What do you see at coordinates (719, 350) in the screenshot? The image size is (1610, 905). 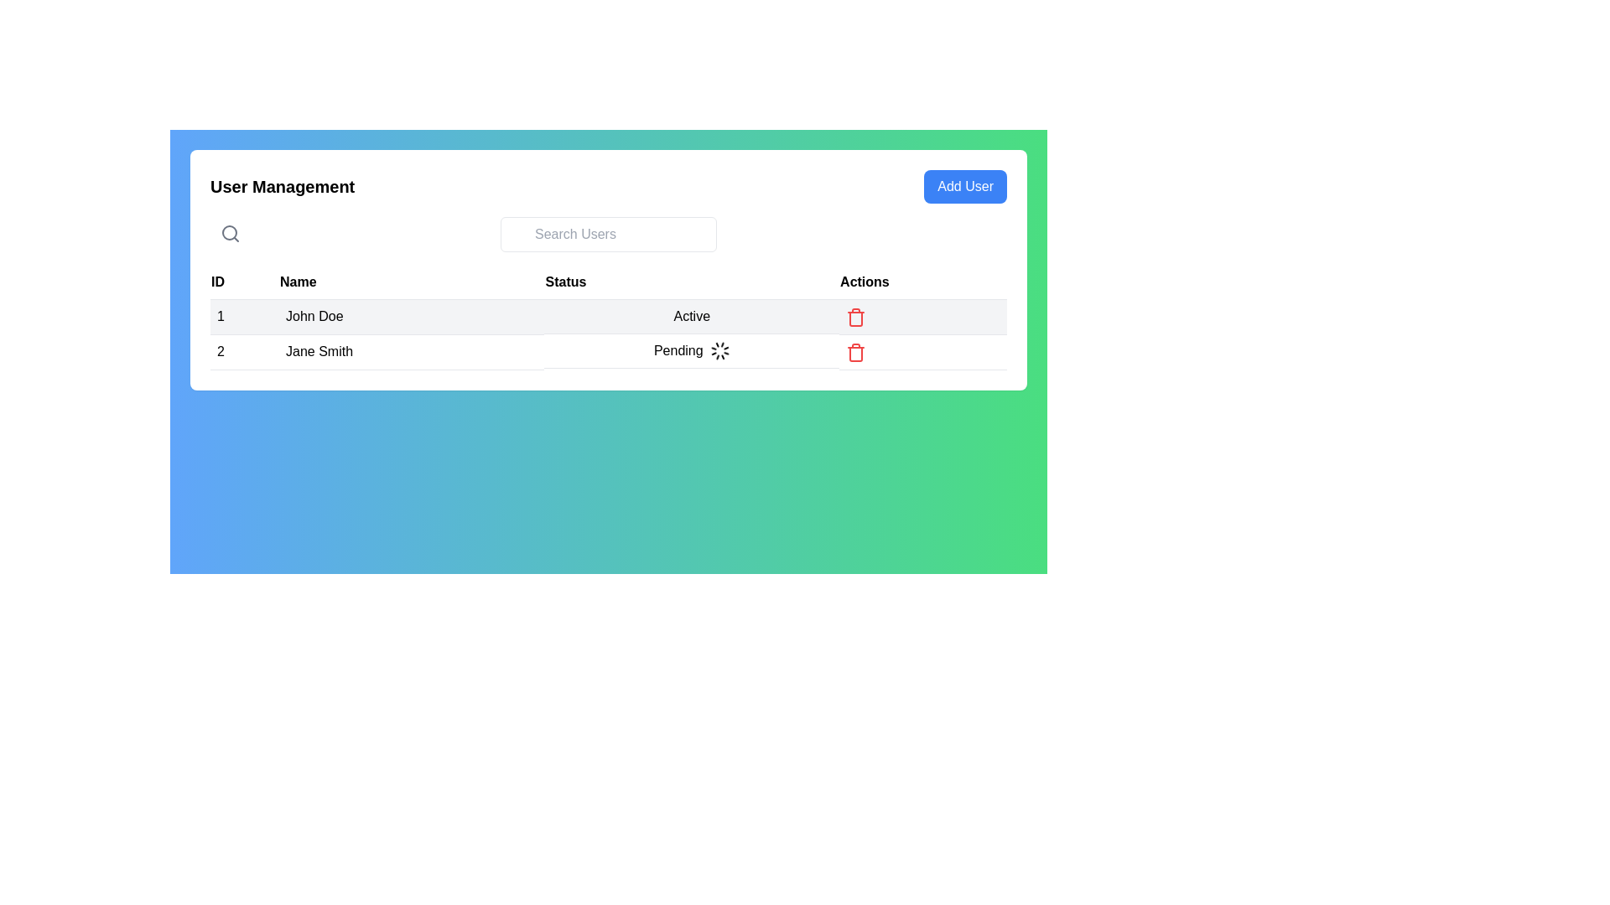 I see `the animated spinning Loader icon located in the second row of the table, next to the 'Pending' status text in the 'Status' column` at bounding box center [719, 350].